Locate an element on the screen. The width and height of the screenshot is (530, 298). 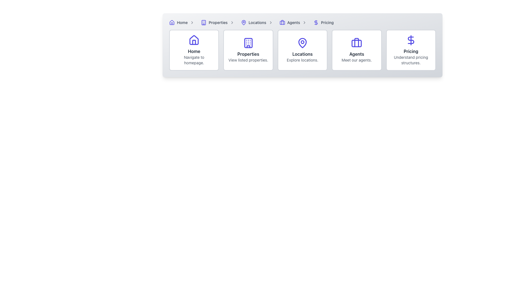
the navigational link labeled 'Properties' with an accompanying building icon is located at coordinates (218, 22).